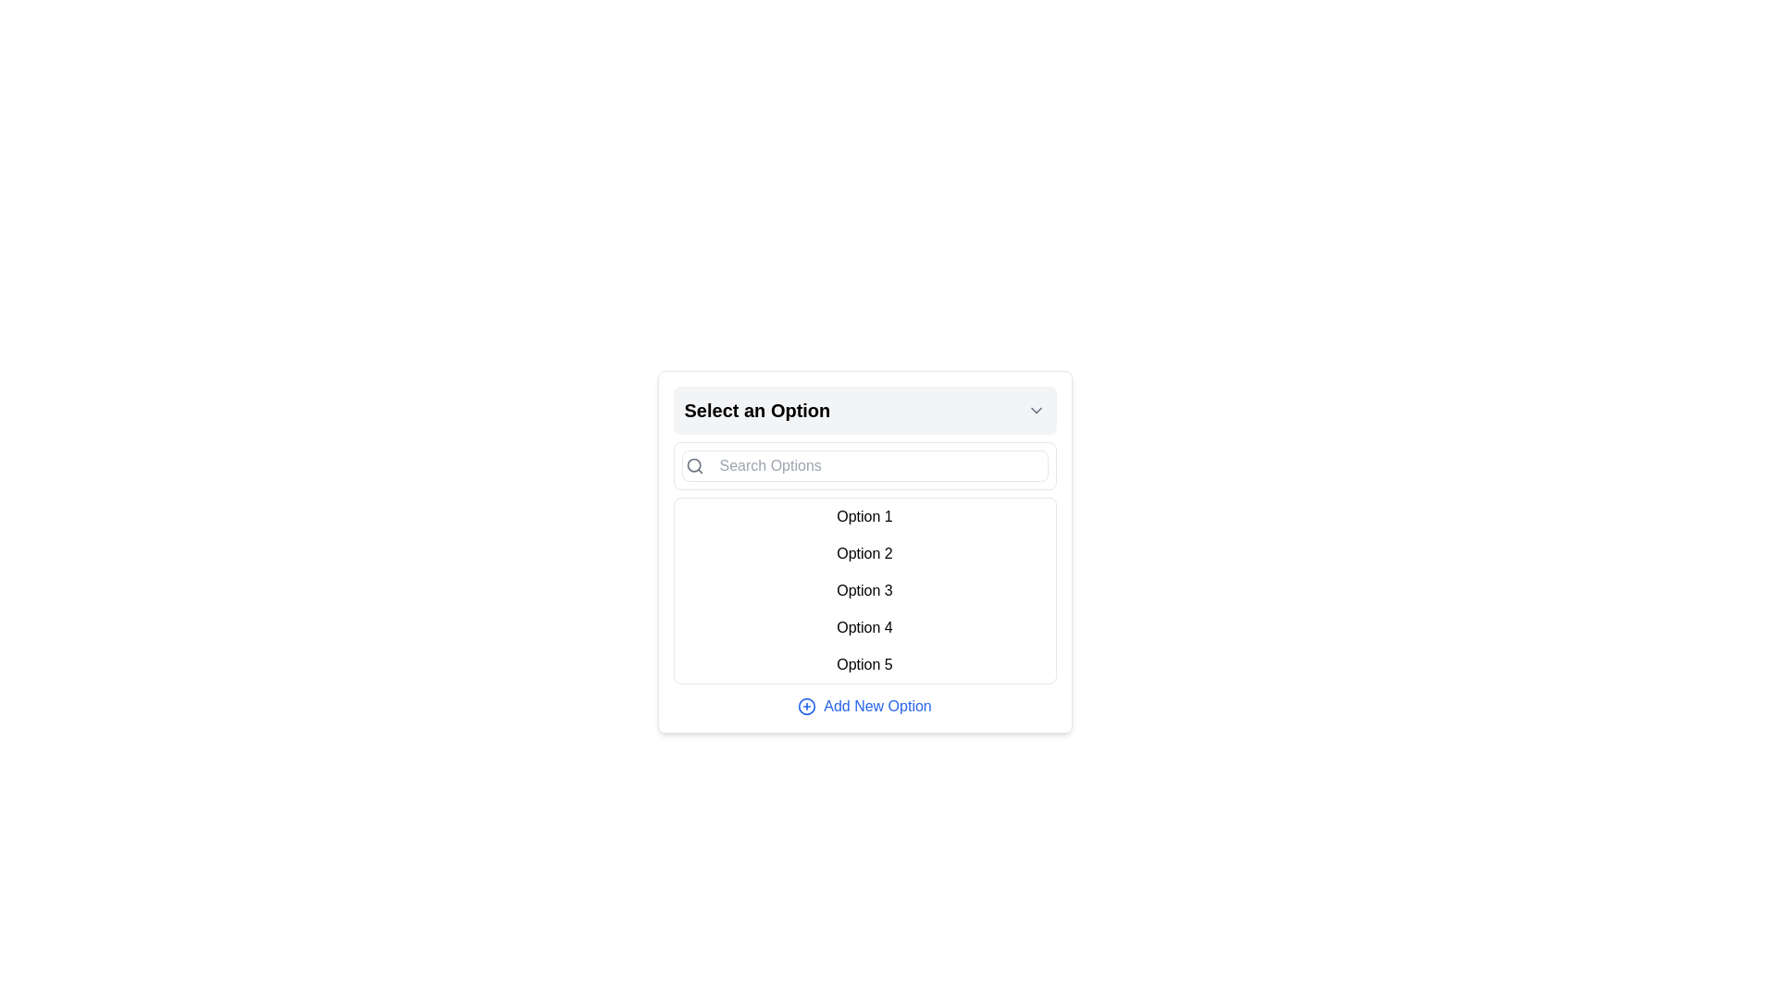  Describe the element at coordinates (864, 706) in the screenshot. I see `the button that allows users to add a new option to the existing list of options, which is centered horizontally below the list` at that location.